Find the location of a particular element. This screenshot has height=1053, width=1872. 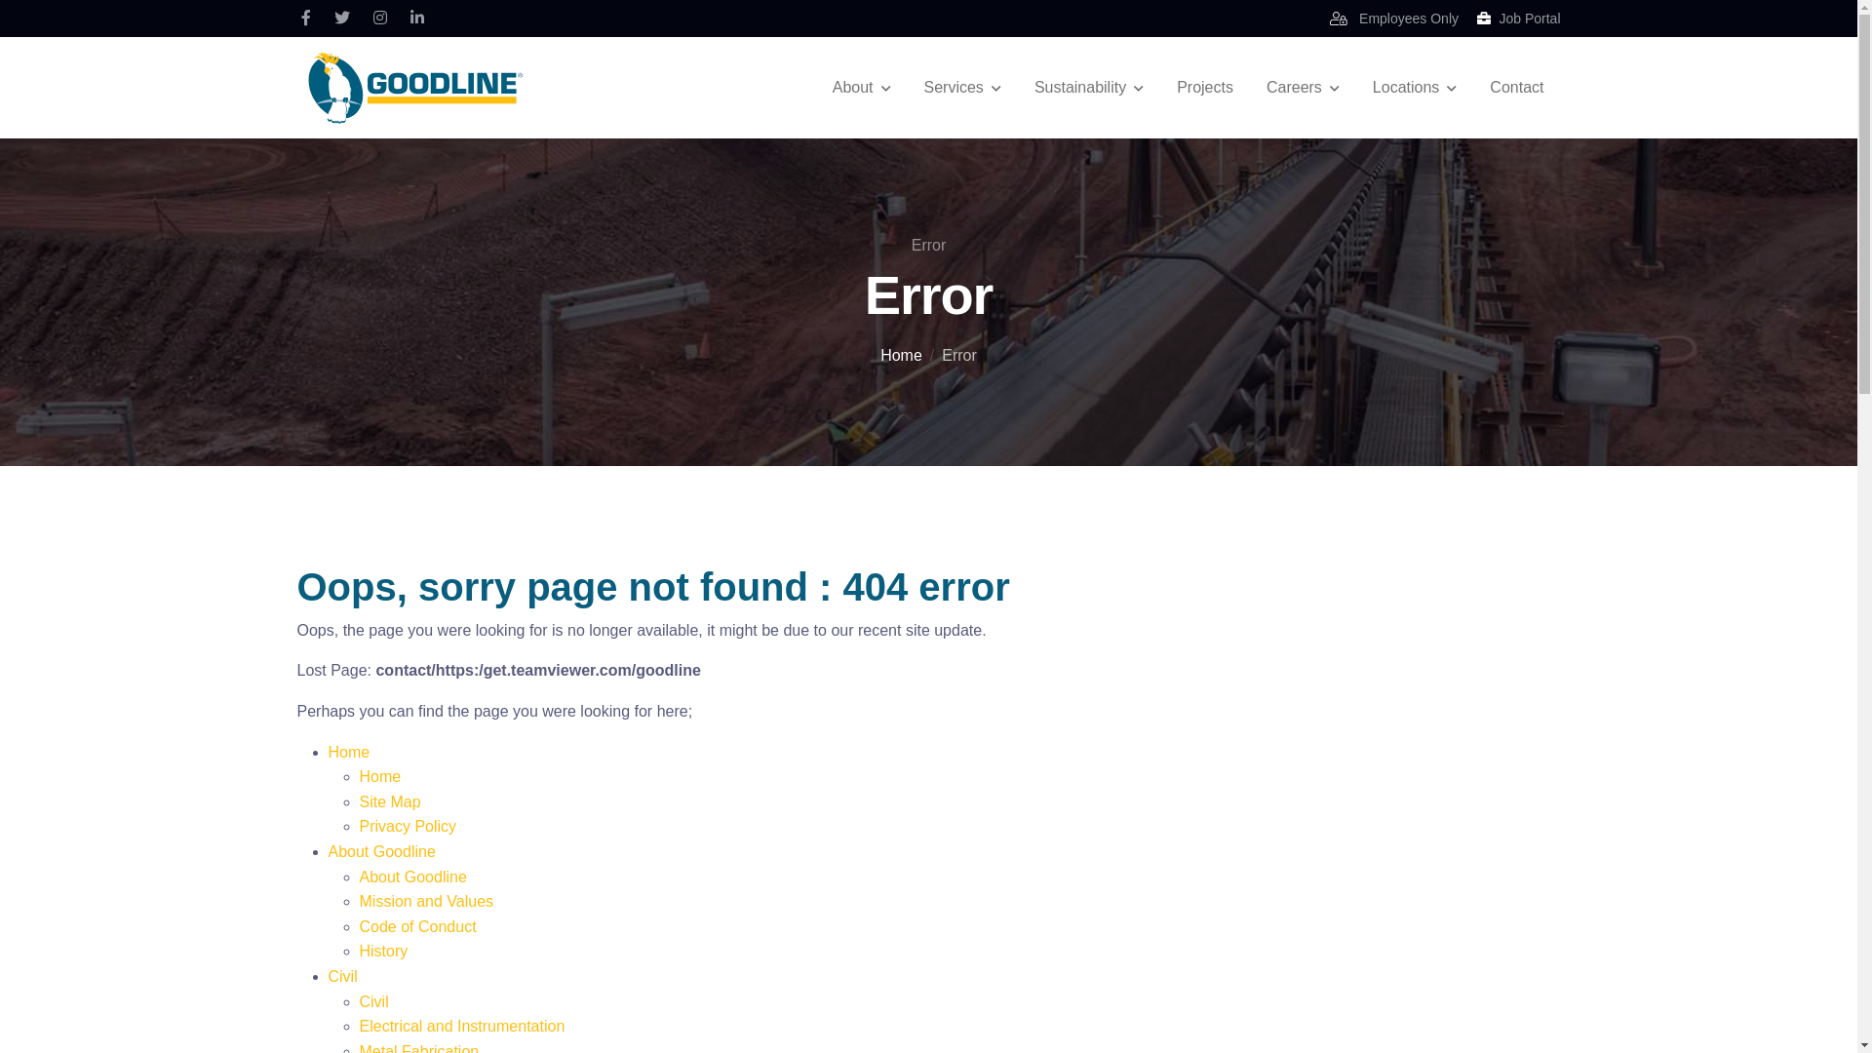

'Employees Only' is located at coordinates (1393, 19).